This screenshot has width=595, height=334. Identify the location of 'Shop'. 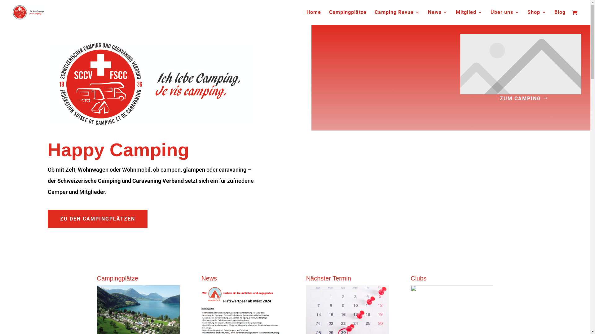
(536, 17).